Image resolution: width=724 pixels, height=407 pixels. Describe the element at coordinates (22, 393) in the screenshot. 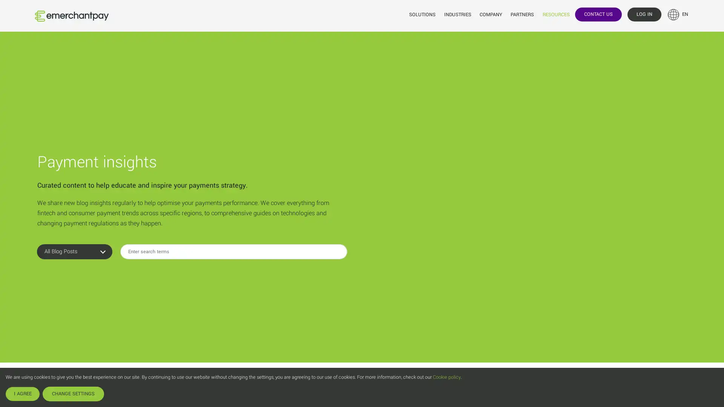

I see `I AGREE` at that location.